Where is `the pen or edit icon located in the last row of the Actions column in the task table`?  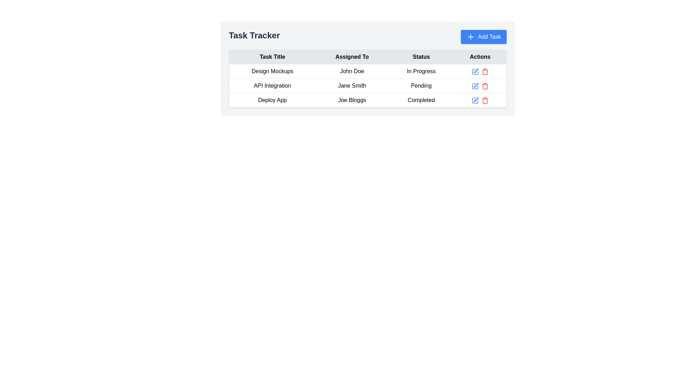
the pen or edit icon located in the last row of the Actions column in the task table is located at coordinates (476, 100).